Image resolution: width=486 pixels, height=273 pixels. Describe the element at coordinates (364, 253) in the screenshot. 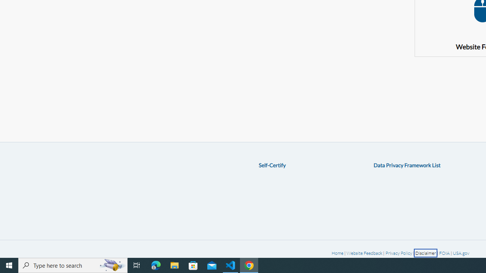

I see `'Website Feedback'` at that location.